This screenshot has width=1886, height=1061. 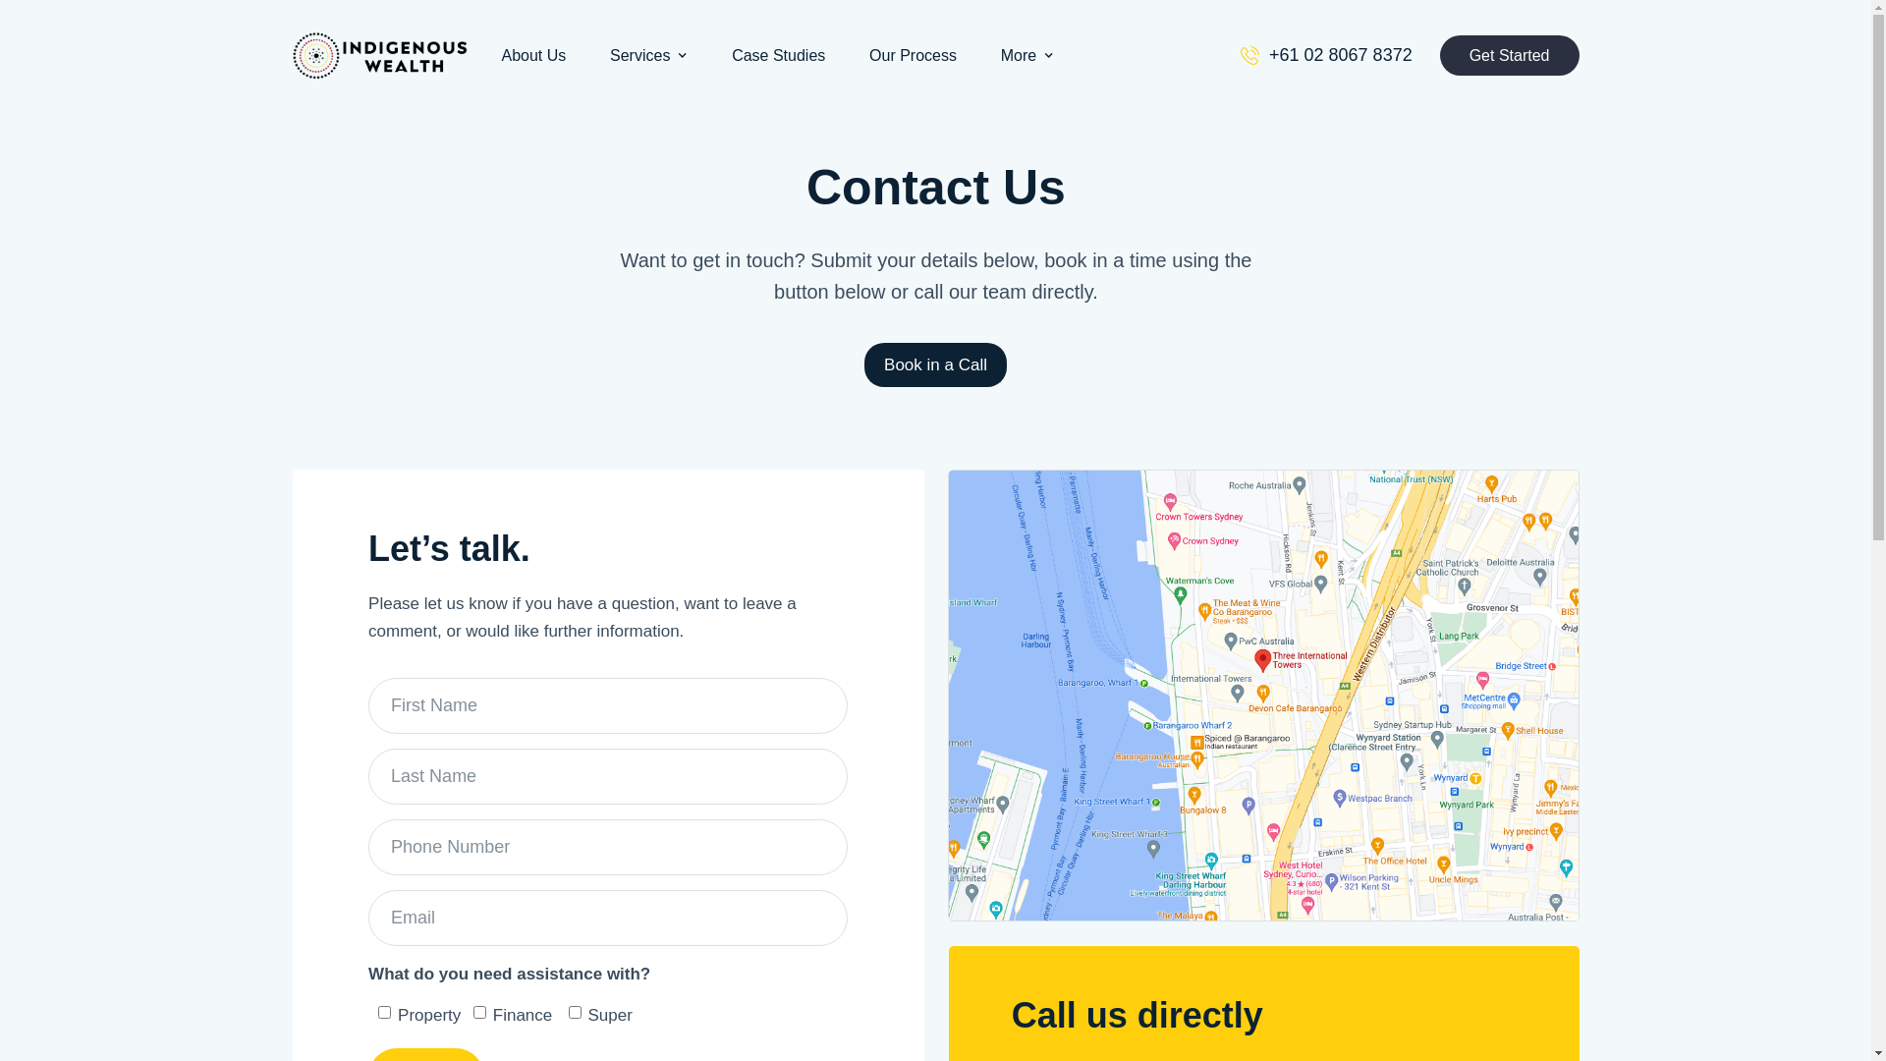 What do you see at coordinates (934, 363) in the screenshot?
I see `'Book in a Call'` at bounding box center [934, 363].